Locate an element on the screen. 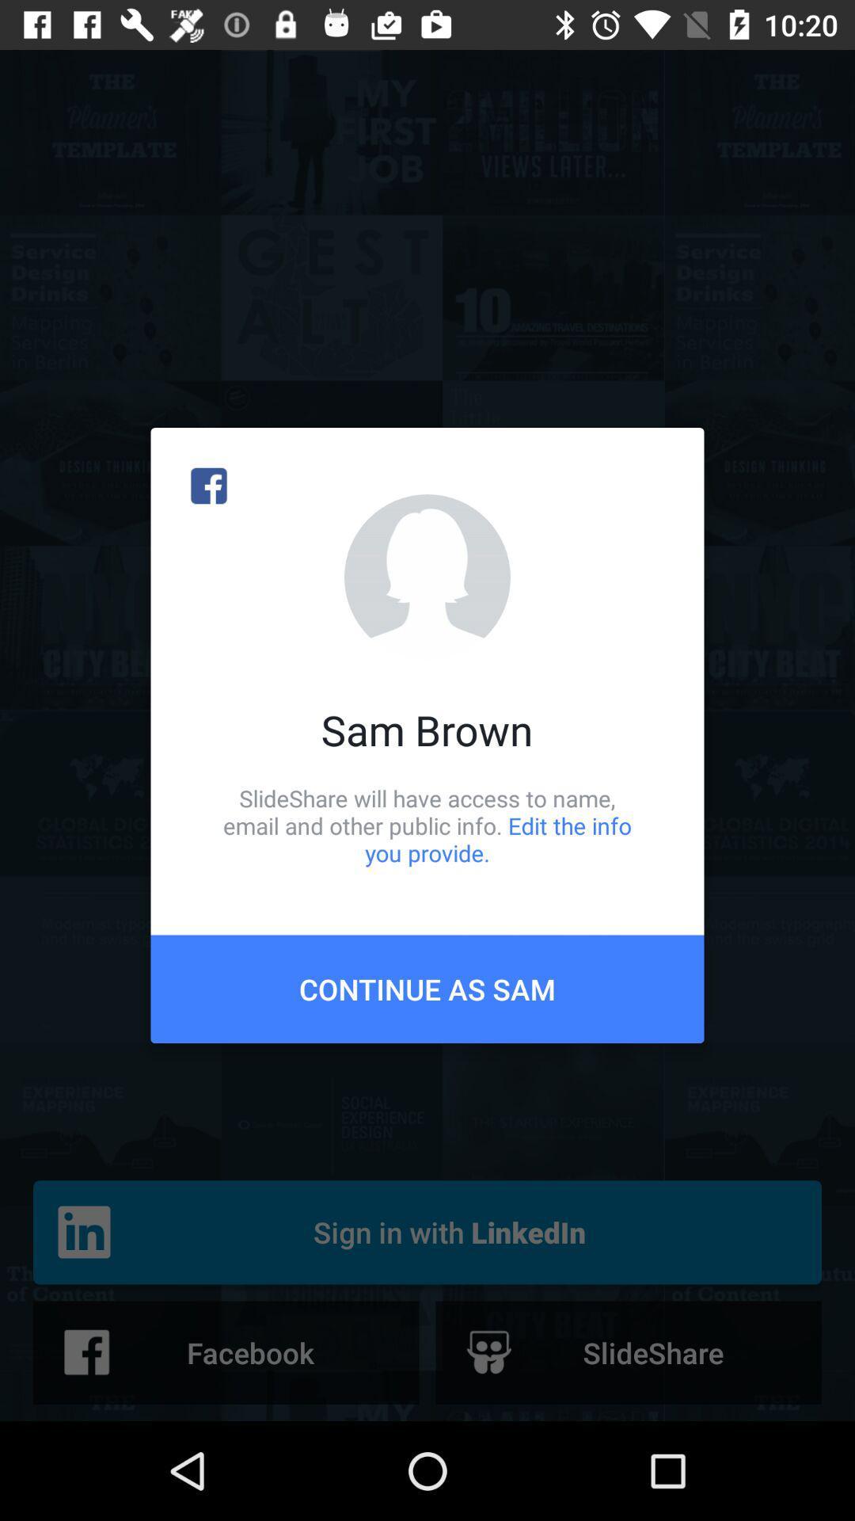 This screenshot has width=855, height=1521. slideshare will have is located at coordinates (427, 825).